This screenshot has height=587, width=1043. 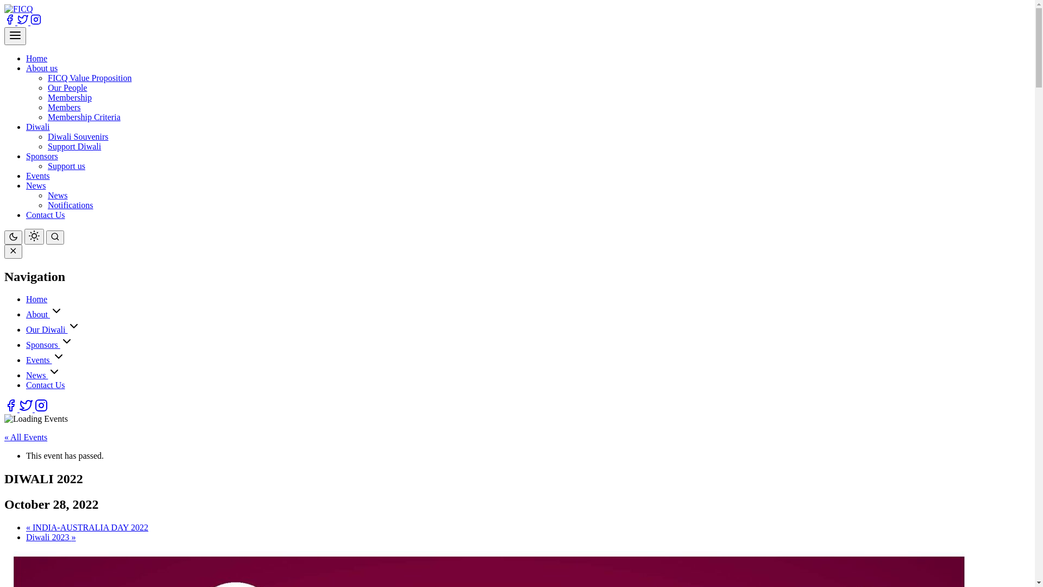 I want to click on 'Members', so click(x=64, y=107).